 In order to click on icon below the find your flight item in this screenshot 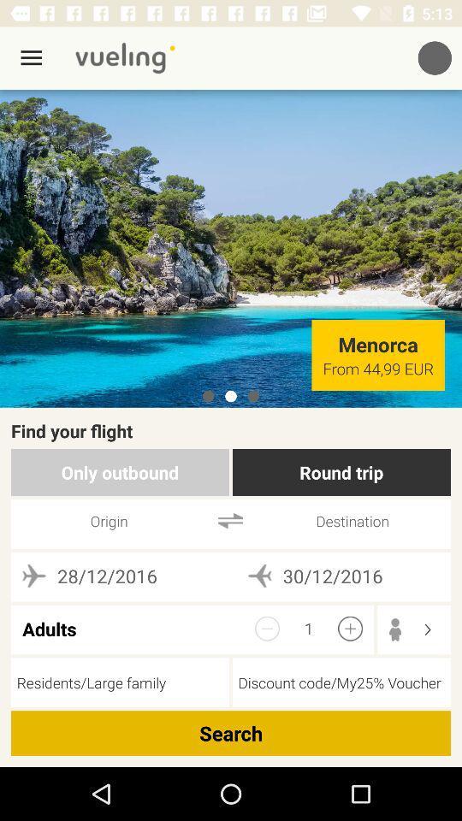, I will do `click(119, 472)`.